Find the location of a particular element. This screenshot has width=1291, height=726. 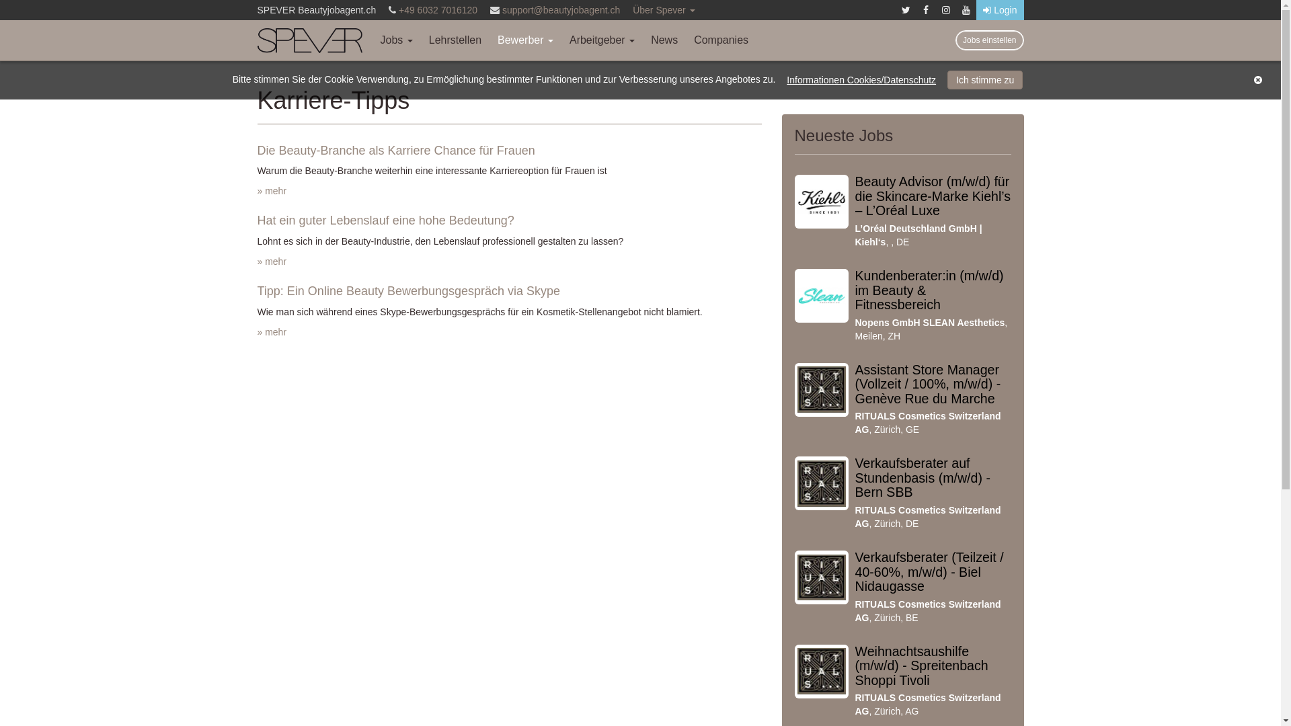

'Hat ein guter Lebenslauf eine hohe Bedeutung?' is located at coordinates (384, 219).